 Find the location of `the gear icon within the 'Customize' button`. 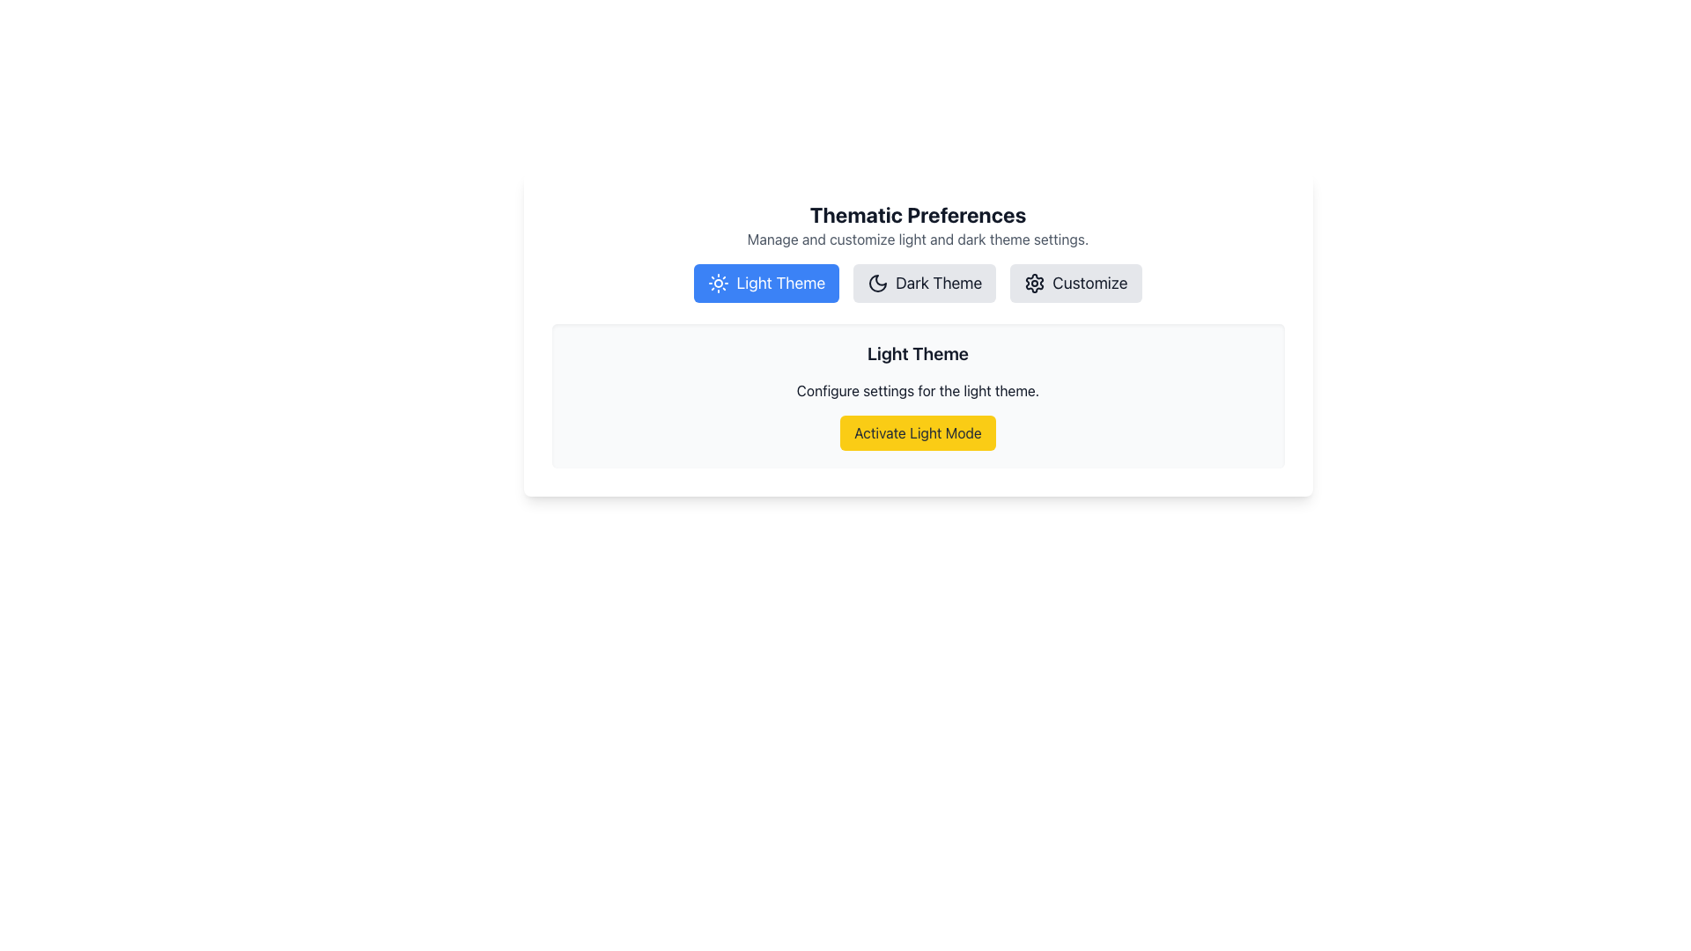

the gear icon within the 'Customize' button is located at coordinates (1035, 282).